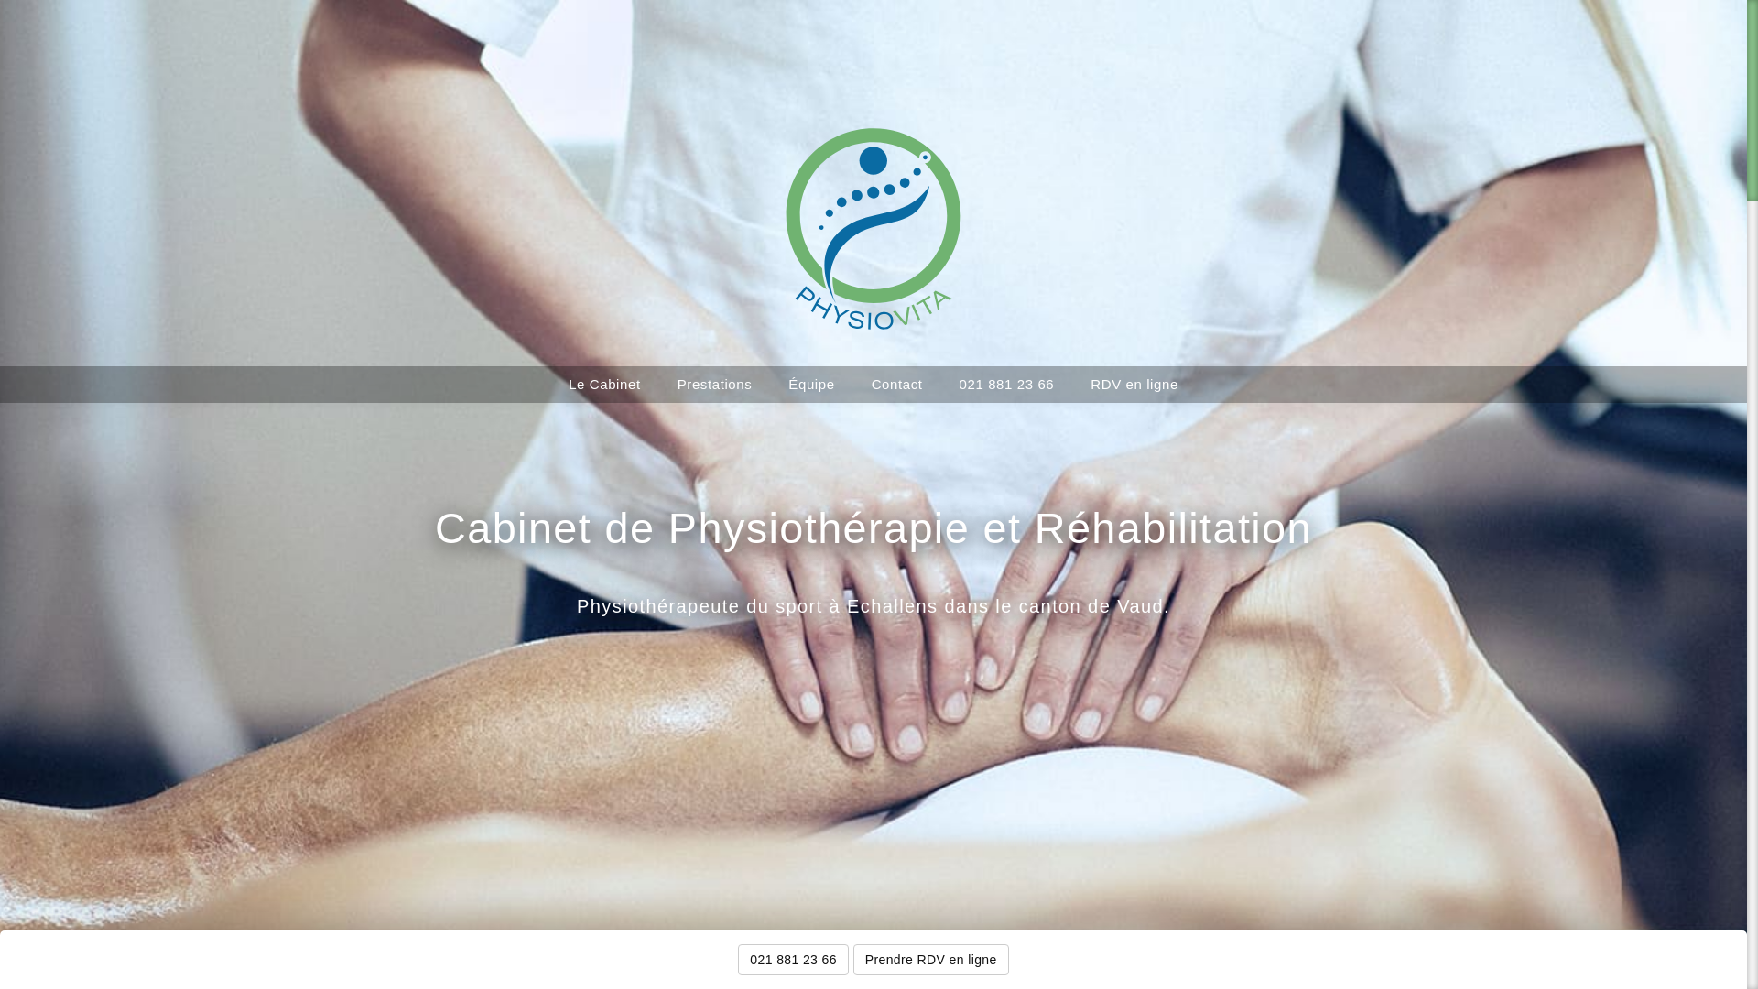 This screenshot has height=989, width=1758. What do you see at coordinates (714, 384) in the screenshot?
I see `'Prestations'` at bounding box center [714, 384].